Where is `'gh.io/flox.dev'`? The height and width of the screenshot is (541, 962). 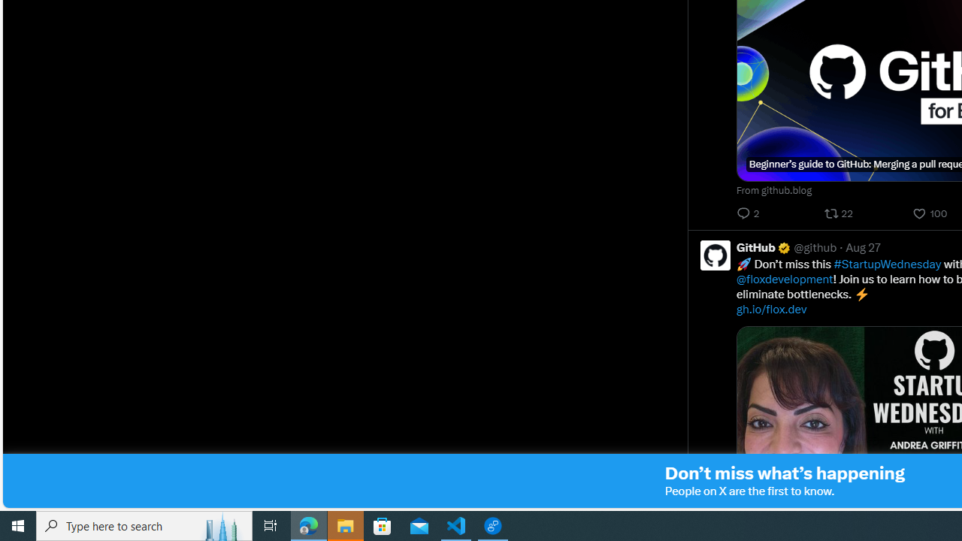 'gh.io/flox.dev' is located at coordinates (772, 308).